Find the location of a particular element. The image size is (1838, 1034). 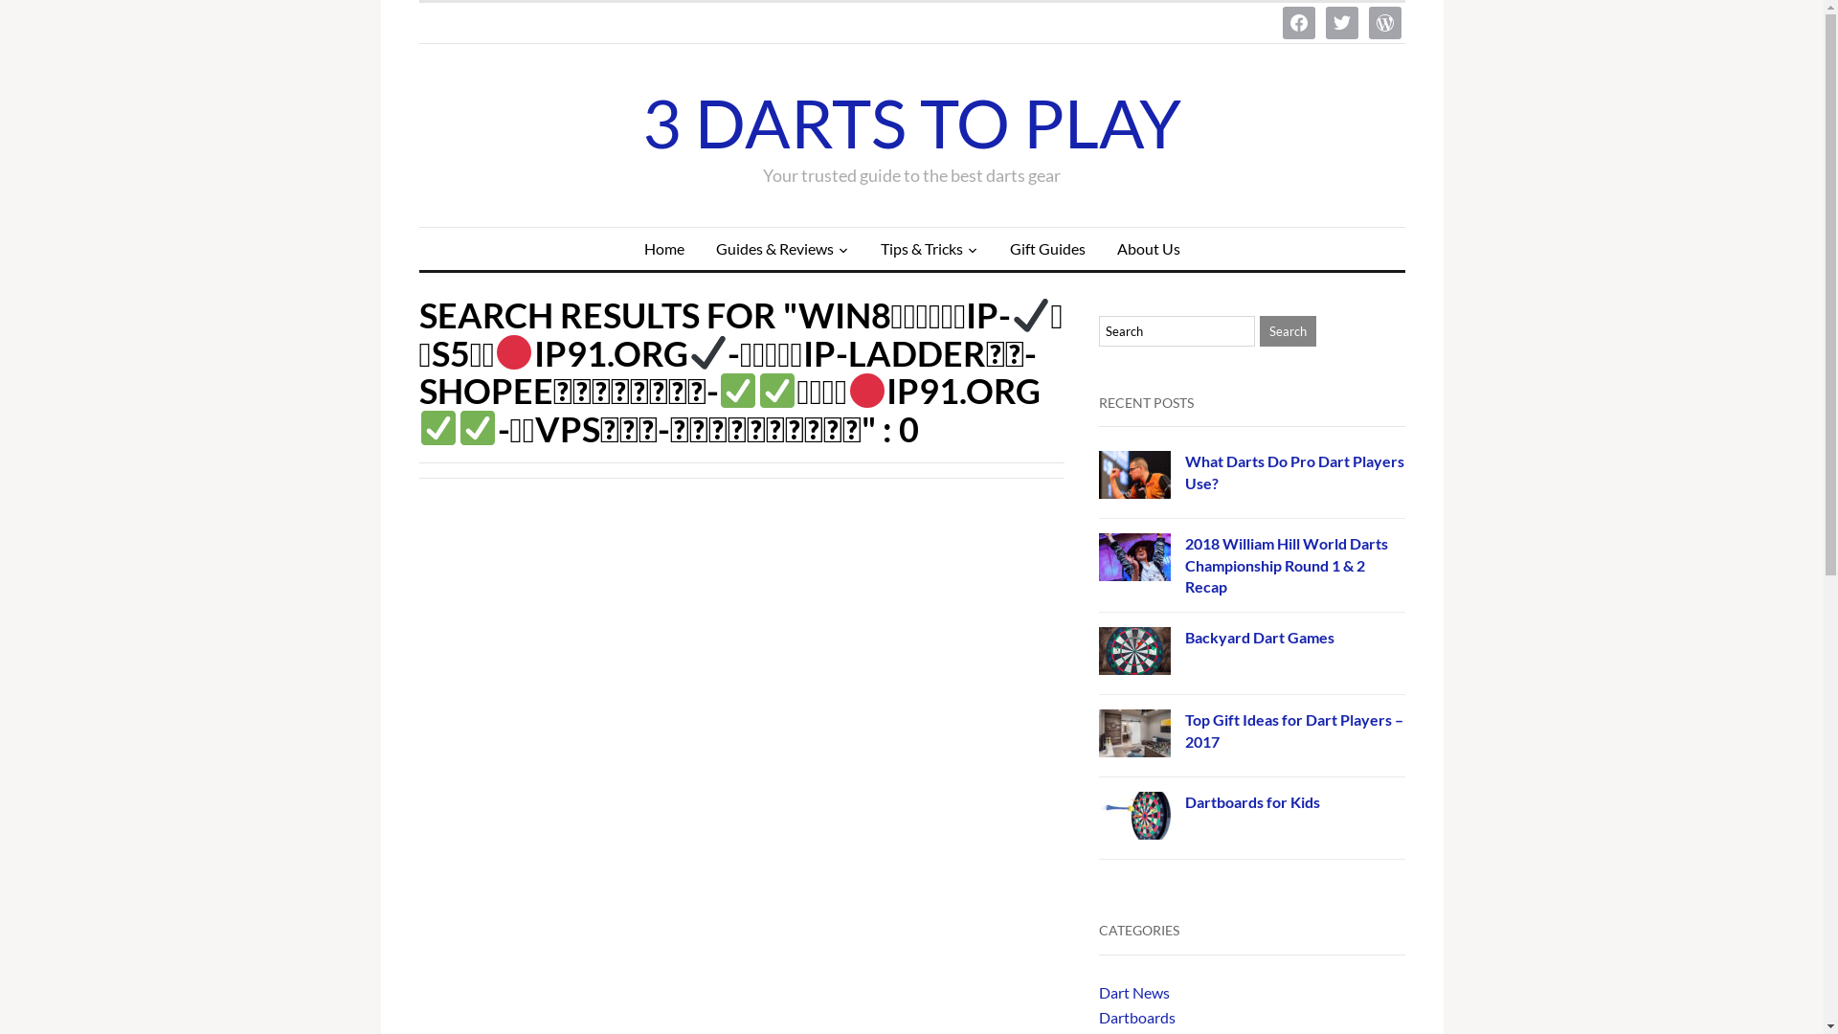

'twitter' is located at coordinates (1340, 21).